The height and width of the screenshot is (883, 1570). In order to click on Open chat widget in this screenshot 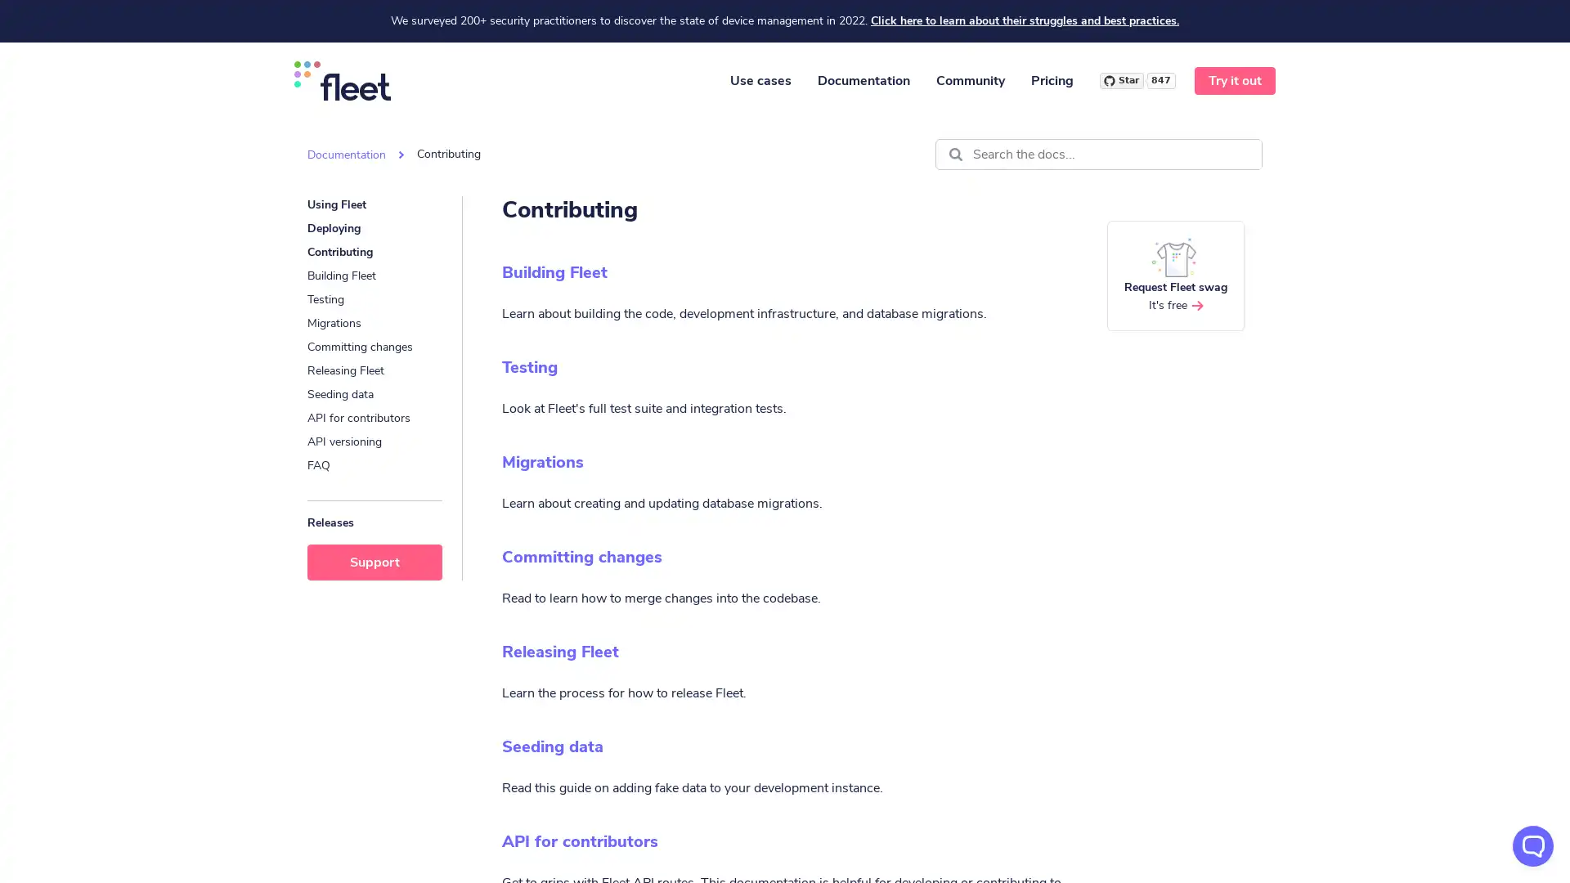, I will do `click(1532, 845)`.